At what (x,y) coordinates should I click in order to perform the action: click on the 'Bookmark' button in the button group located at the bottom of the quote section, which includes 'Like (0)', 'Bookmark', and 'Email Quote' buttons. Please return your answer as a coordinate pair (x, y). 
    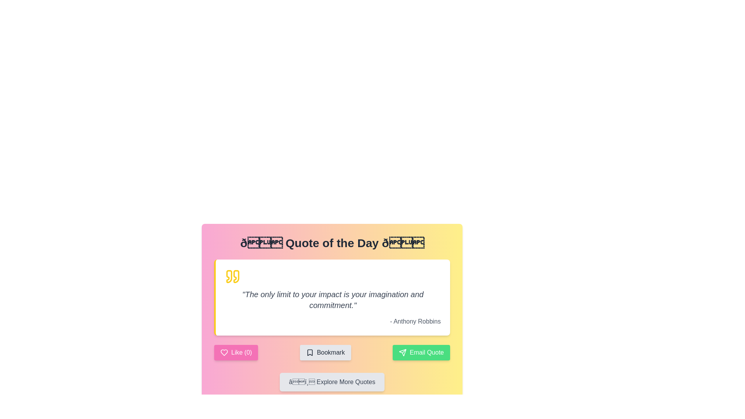
    Looking at the image, I should click on (332, 353).